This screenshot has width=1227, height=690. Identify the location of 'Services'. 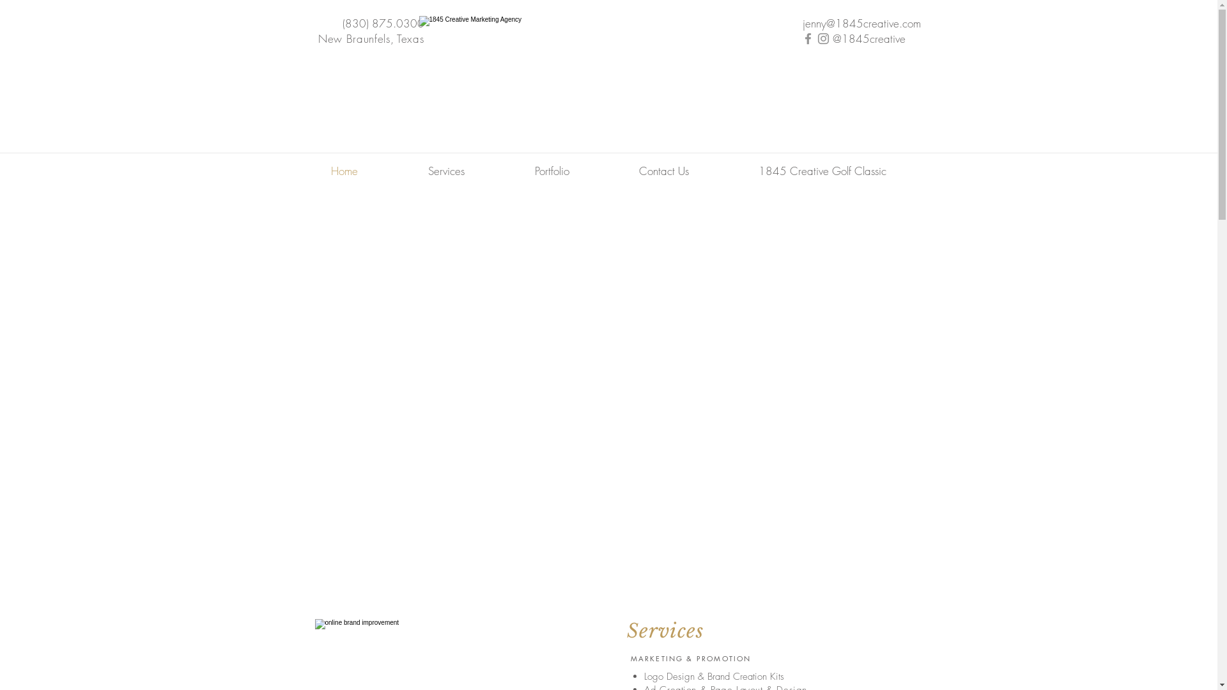
(445, 170).